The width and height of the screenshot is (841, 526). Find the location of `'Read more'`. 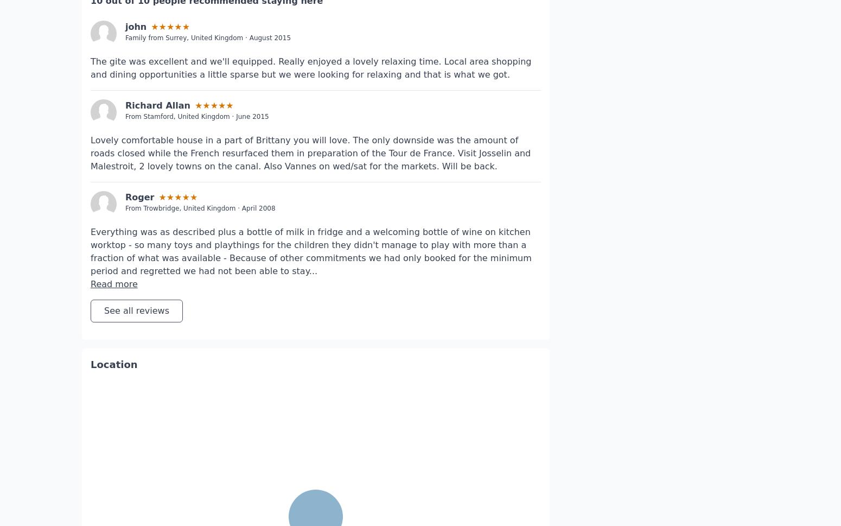

'Read more' is located at coordinates (90, 251).